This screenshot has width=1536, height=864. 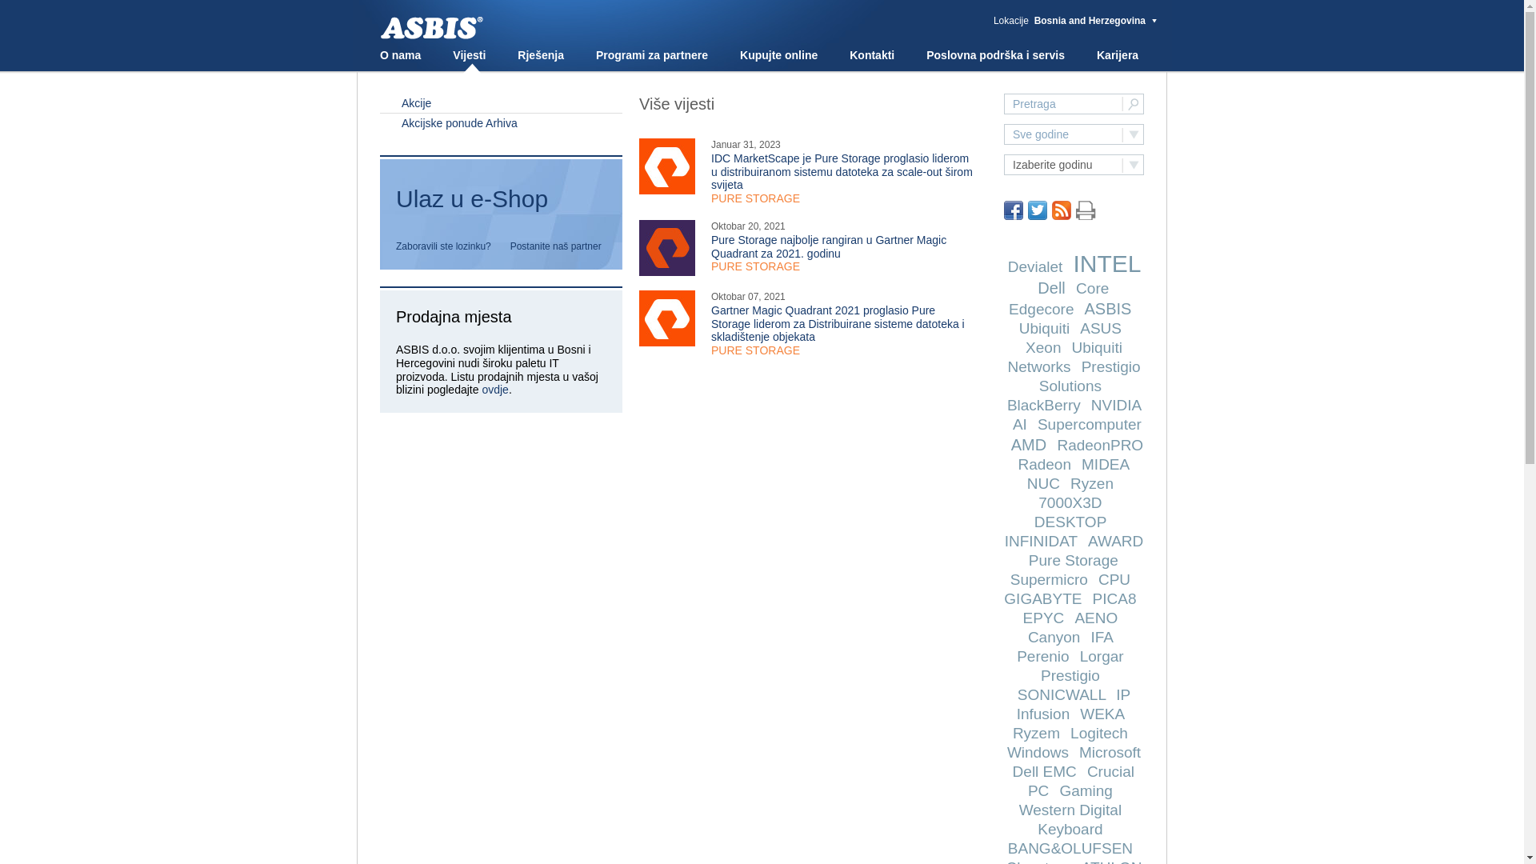 I want to click on 'EPYC', so click(x=1022, y=617).